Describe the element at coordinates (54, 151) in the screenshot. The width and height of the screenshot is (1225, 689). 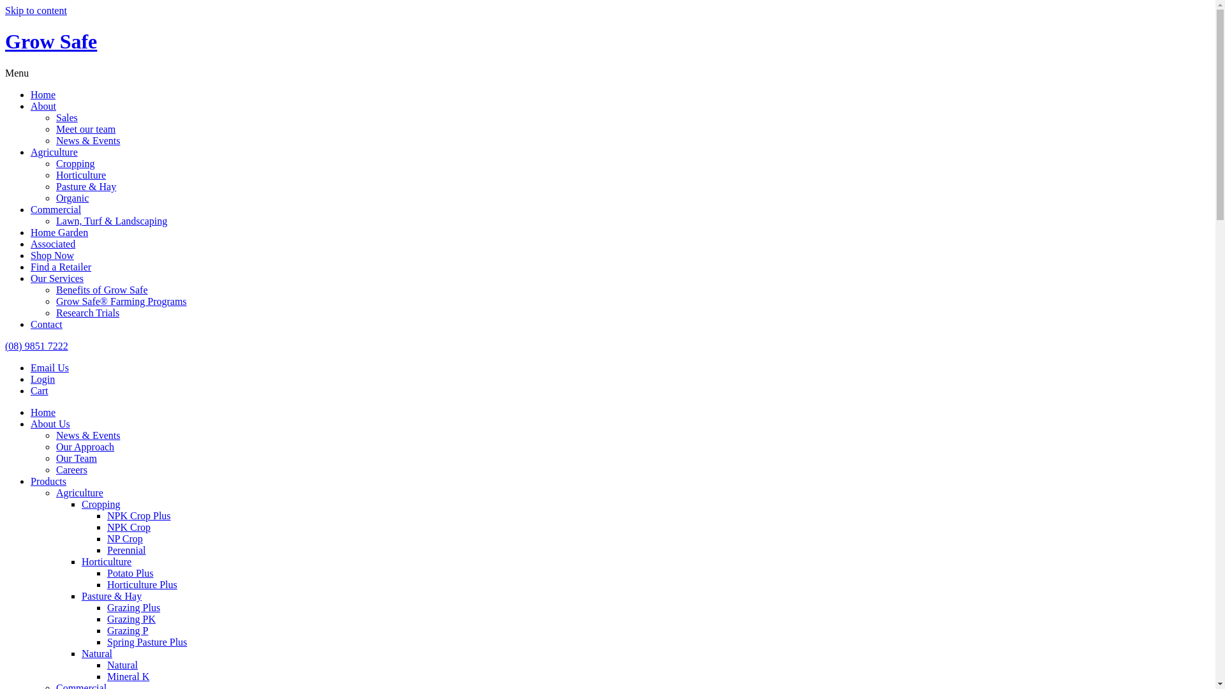
I see `'Agriculture'` at that location.